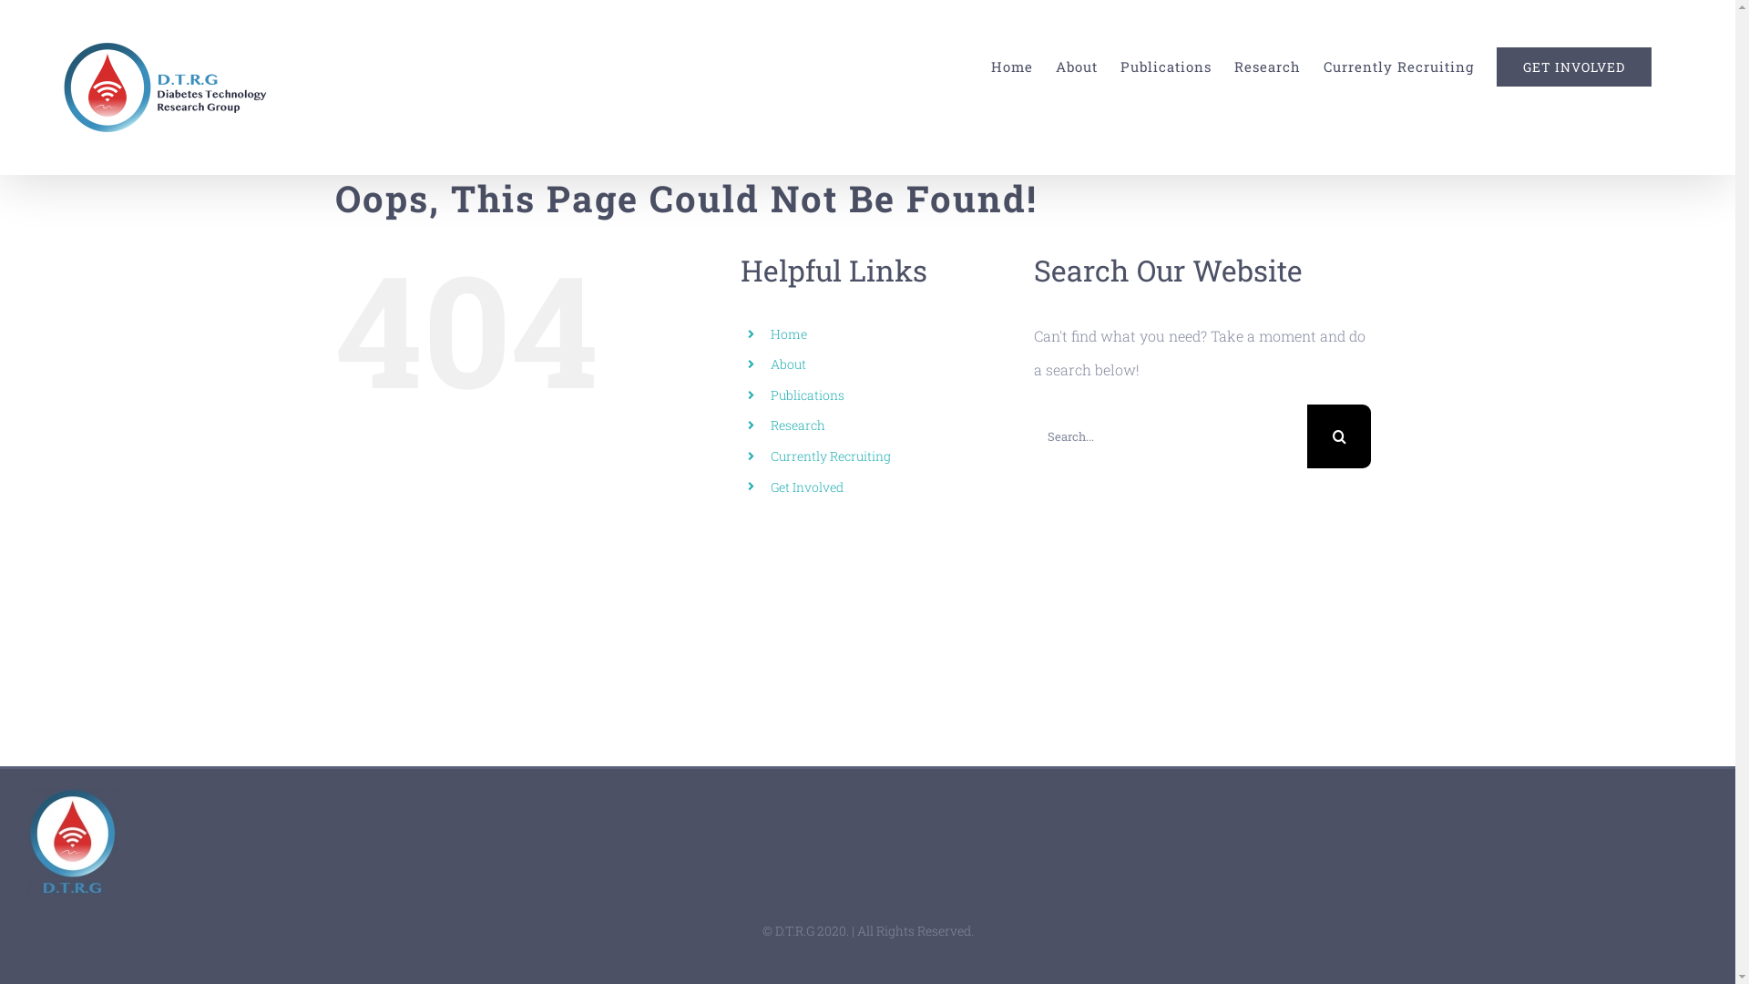 The width and height of the screenshot is (1749, 984). Describe the element at coordinates (830, 455) in the screenshot. I see `'Currently Recruiting'` at that location.